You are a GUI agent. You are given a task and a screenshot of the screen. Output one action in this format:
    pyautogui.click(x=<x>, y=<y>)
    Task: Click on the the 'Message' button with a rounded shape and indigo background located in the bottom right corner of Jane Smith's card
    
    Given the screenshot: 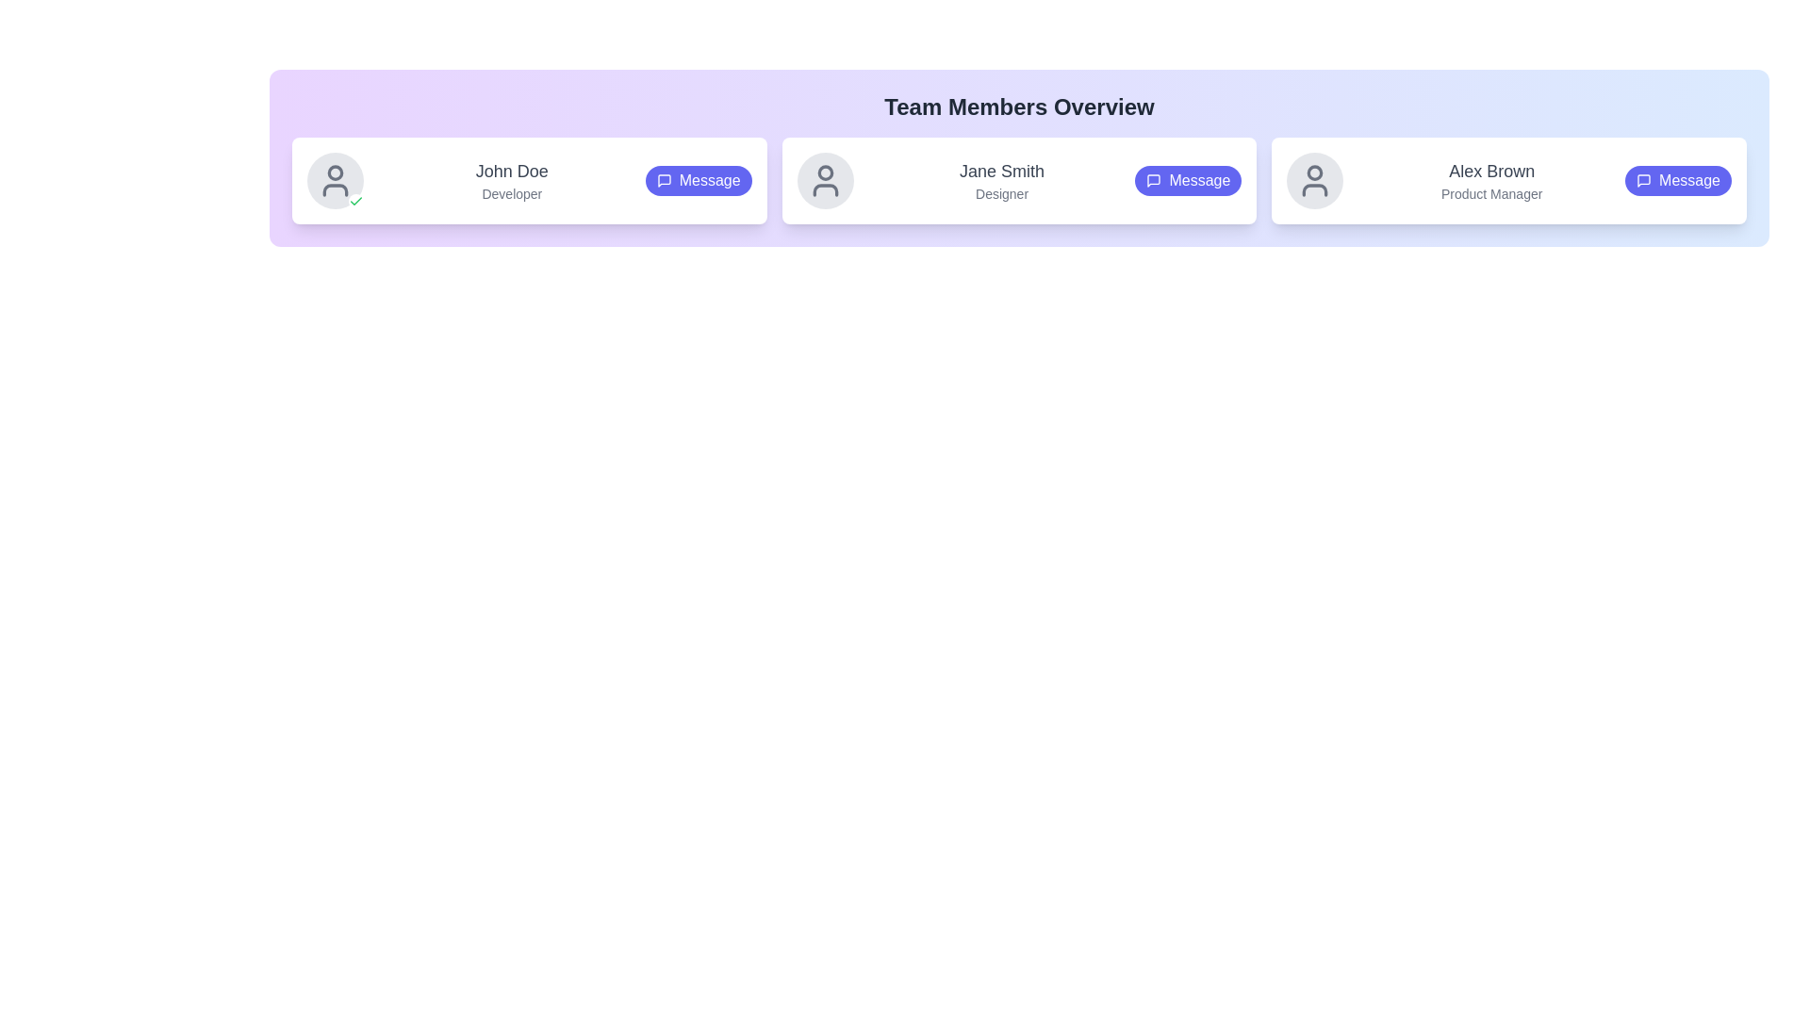 What is the action you would take?
    pyautogui.click(x=1187, y=181)
    